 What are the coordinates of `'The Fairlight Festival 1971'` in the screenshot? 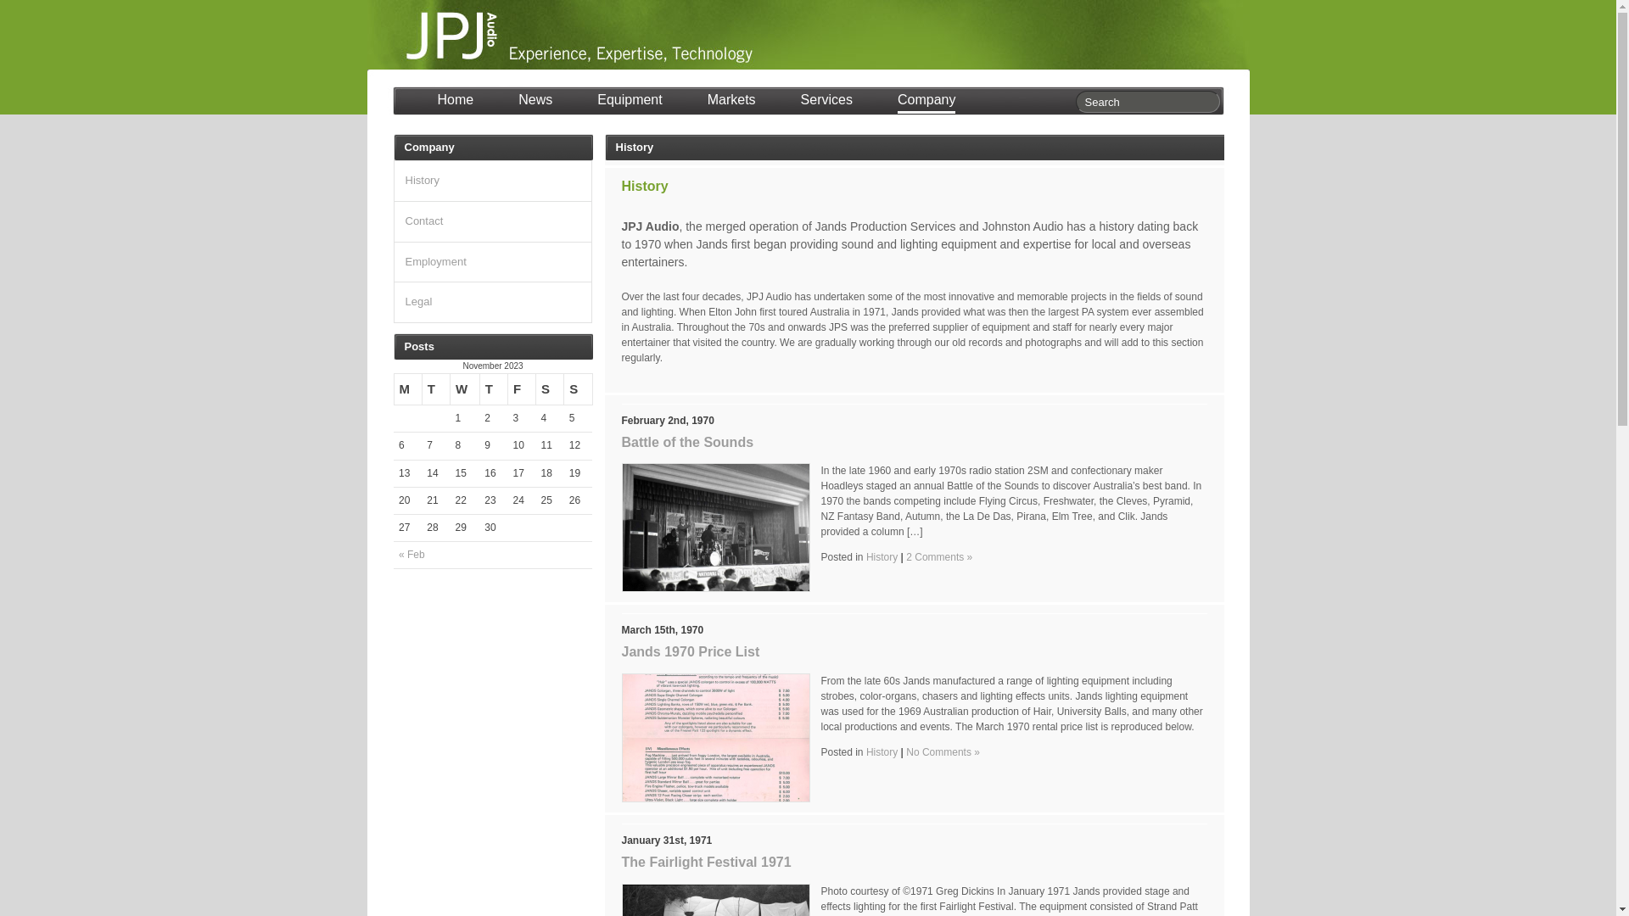 It's located at (619, 862).